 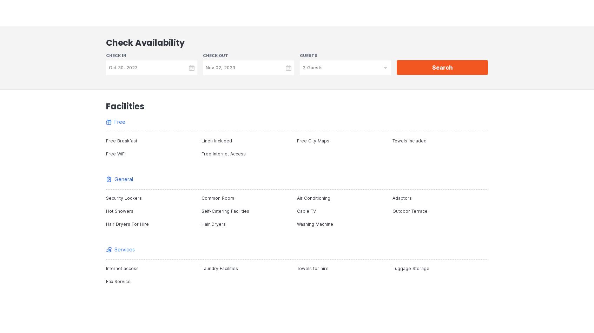 I want to click on 'Hair Dryers', so click(x=201, y=224).